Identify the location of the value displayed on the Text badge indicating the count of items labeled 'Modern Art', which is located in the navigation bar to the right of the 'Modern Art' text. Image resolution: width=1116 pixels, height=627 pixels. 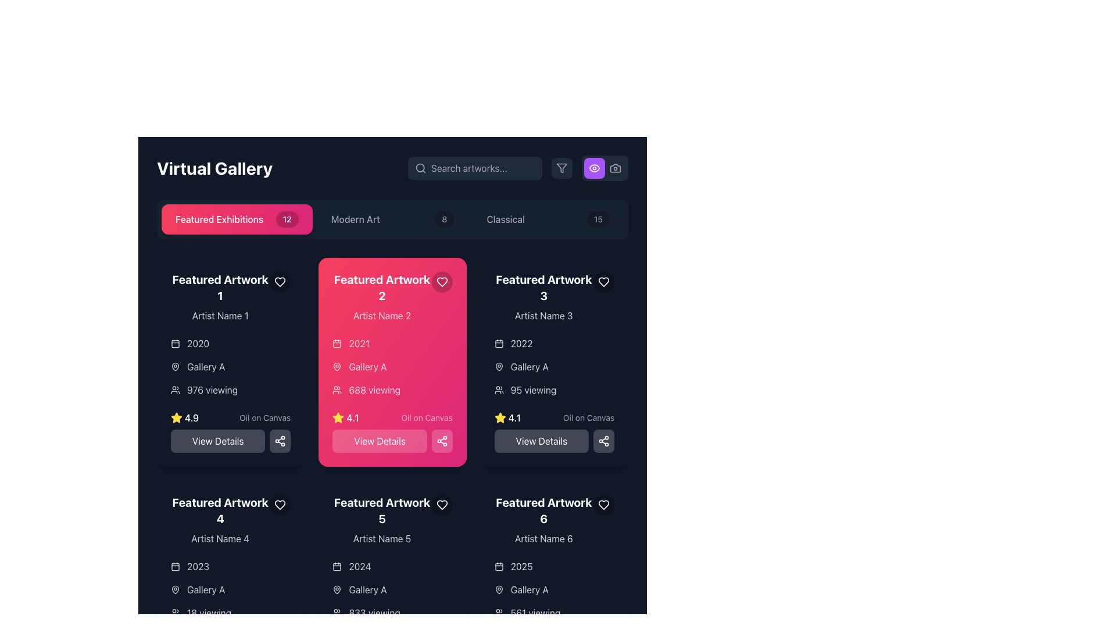
(443, 219).